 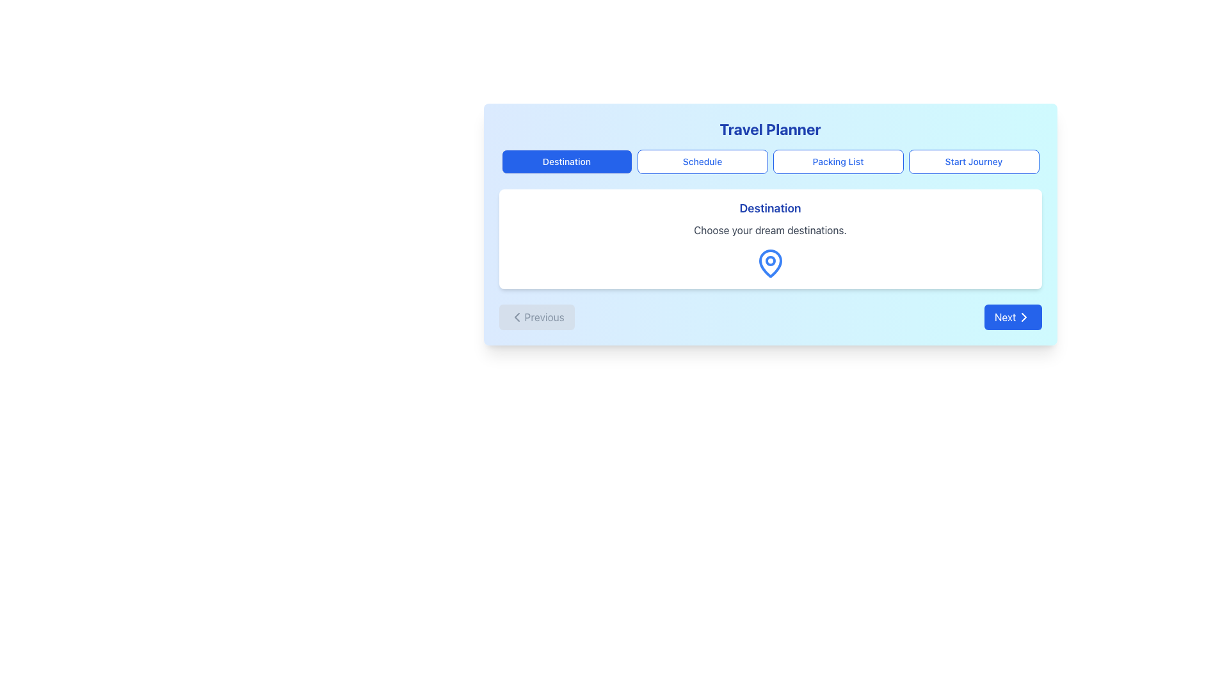 I want to click on the Icon (Chevron Left) located inside the 'Previous' button at the bottom left of the 'Travel Planner' interface, so click(x=517, y=317).